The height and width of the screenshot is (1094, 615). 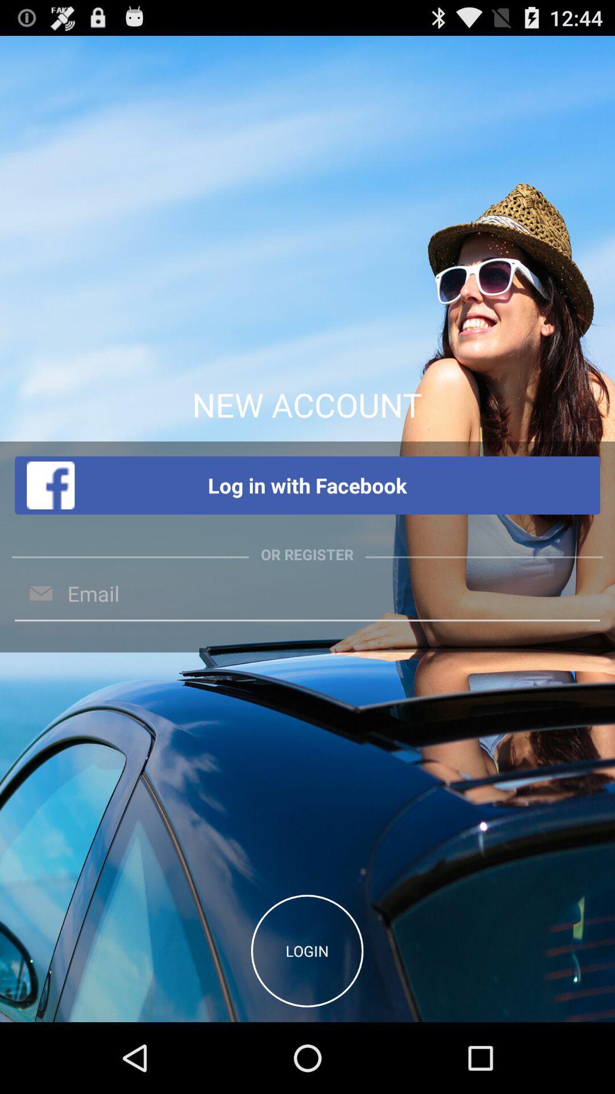 What do you see at coordinates (307, 485) in the screenshot?
I see `log in with item` at bounding box center [307, 485].